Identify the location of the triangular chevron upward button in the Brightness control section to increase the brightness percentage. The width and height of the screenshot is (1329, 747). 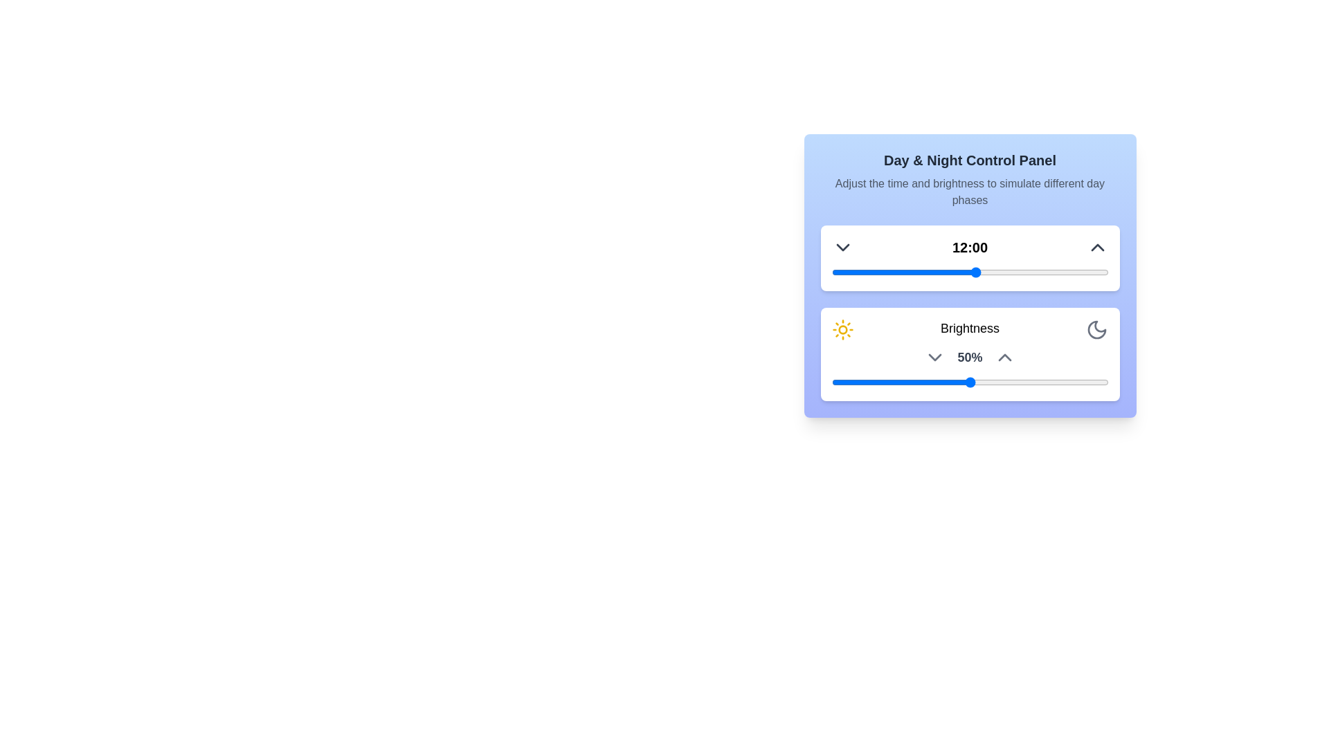
(1004, 356).